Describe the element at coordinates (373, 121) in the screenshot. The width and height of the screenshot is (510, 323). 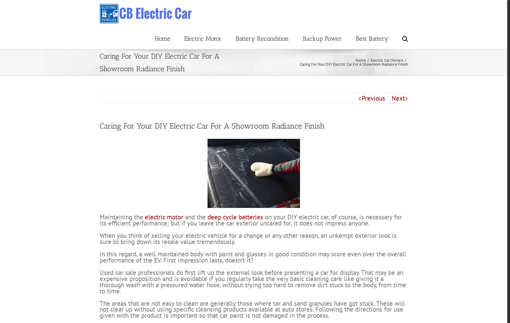
I see `'Previous'` at that location.